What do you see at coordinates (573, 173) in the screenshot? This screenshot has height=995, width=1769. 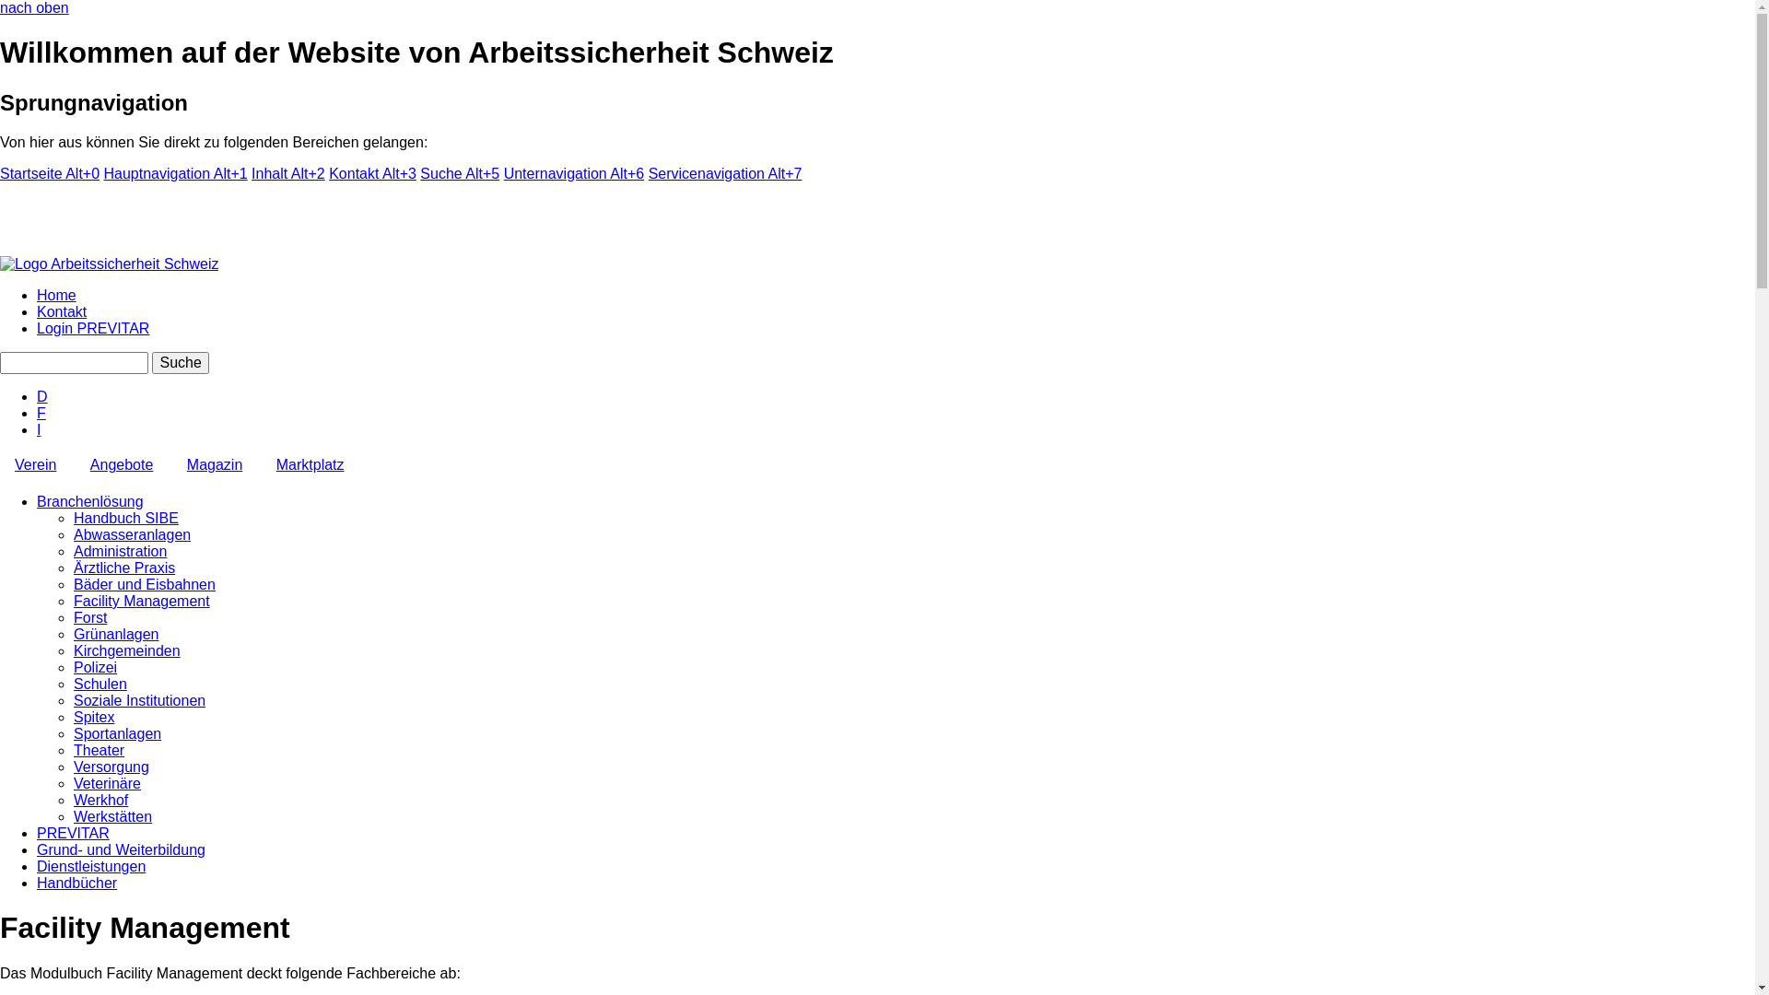 I see `'Unternavigation Alt+6'` at bounding box center [573, 173].